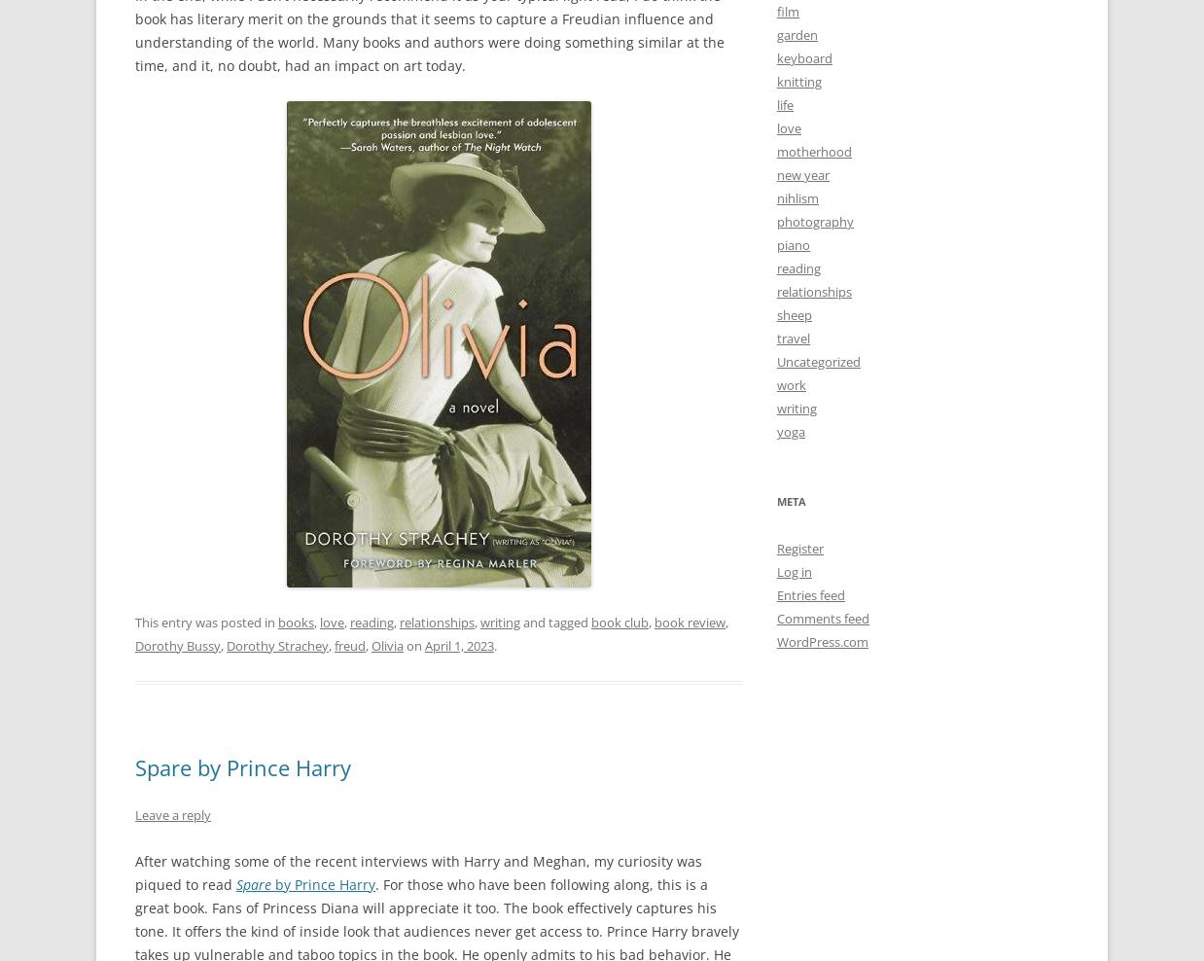  I want to click on 'nihlism', so click(797, 198).